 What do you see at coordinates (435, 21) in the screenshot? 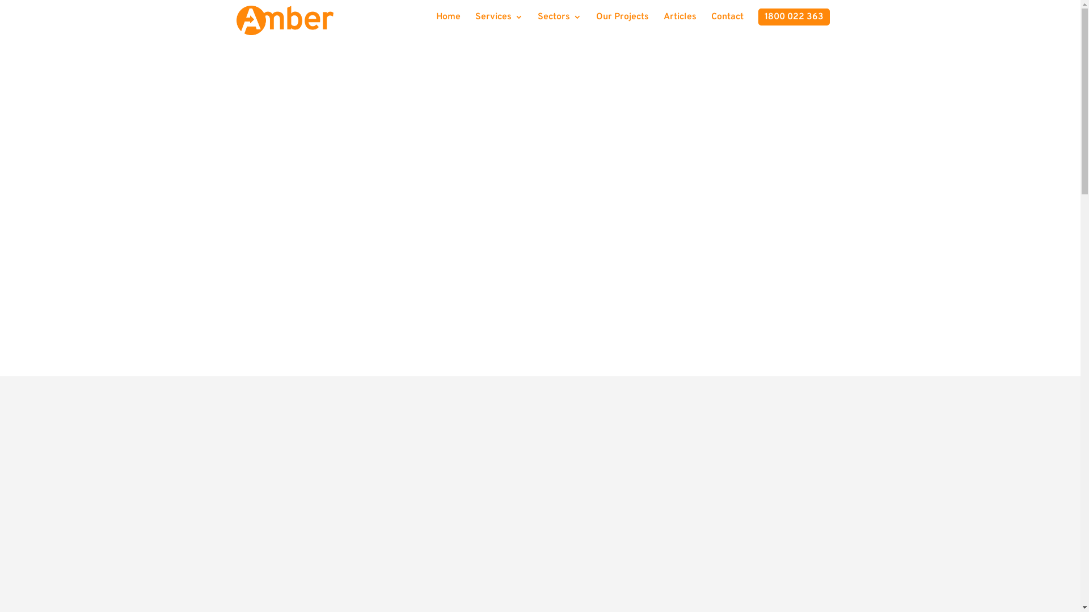
I see `'Home'` at bounding box center [435, 21].